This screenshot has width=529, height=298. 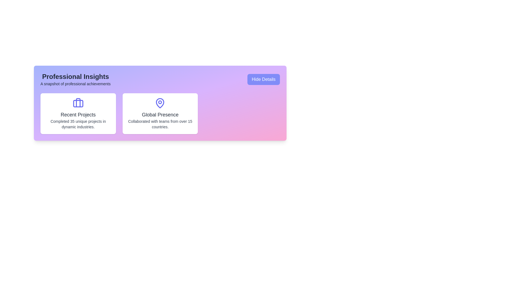 What do you see at coordinates (75, 76) in the screenshot?
I see `text content of the bold, large header titled 'Professional Insights', which is centrally positioned at the top of the section with a gradient background` at bounding box center [75, 76].